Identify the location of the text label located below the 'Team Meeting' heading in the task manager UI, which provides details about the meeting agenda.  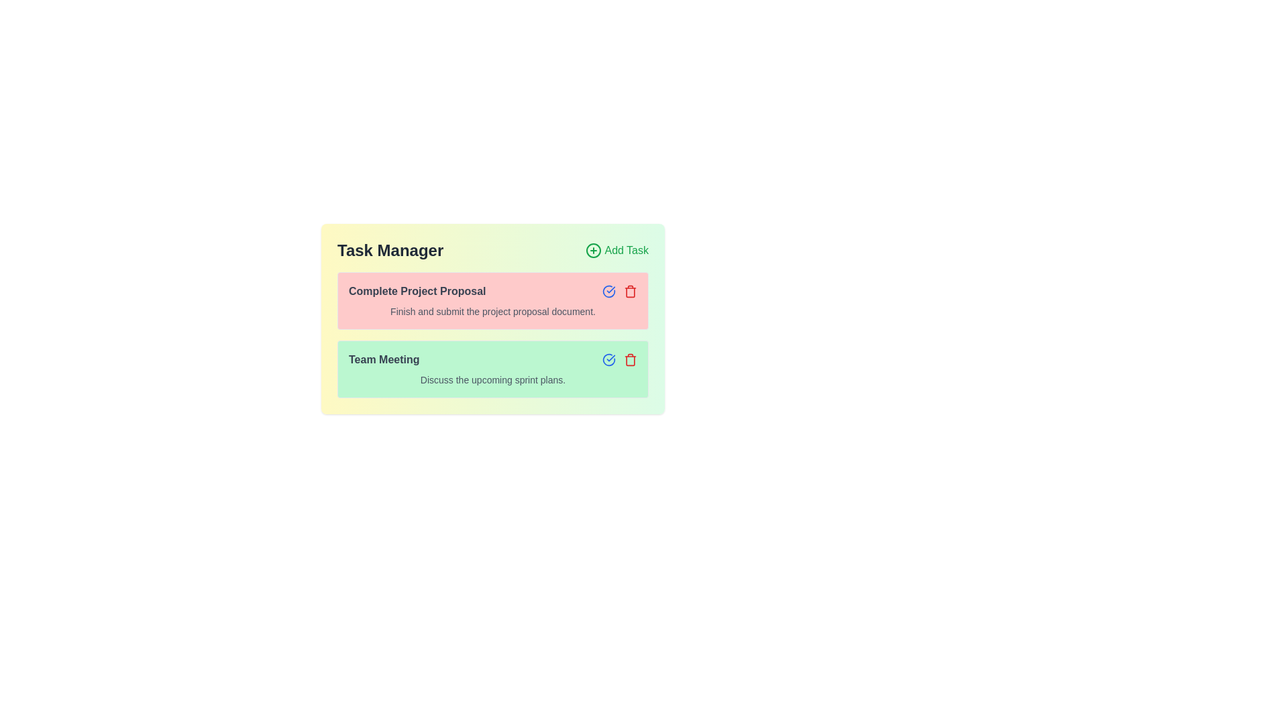
(492, 380).